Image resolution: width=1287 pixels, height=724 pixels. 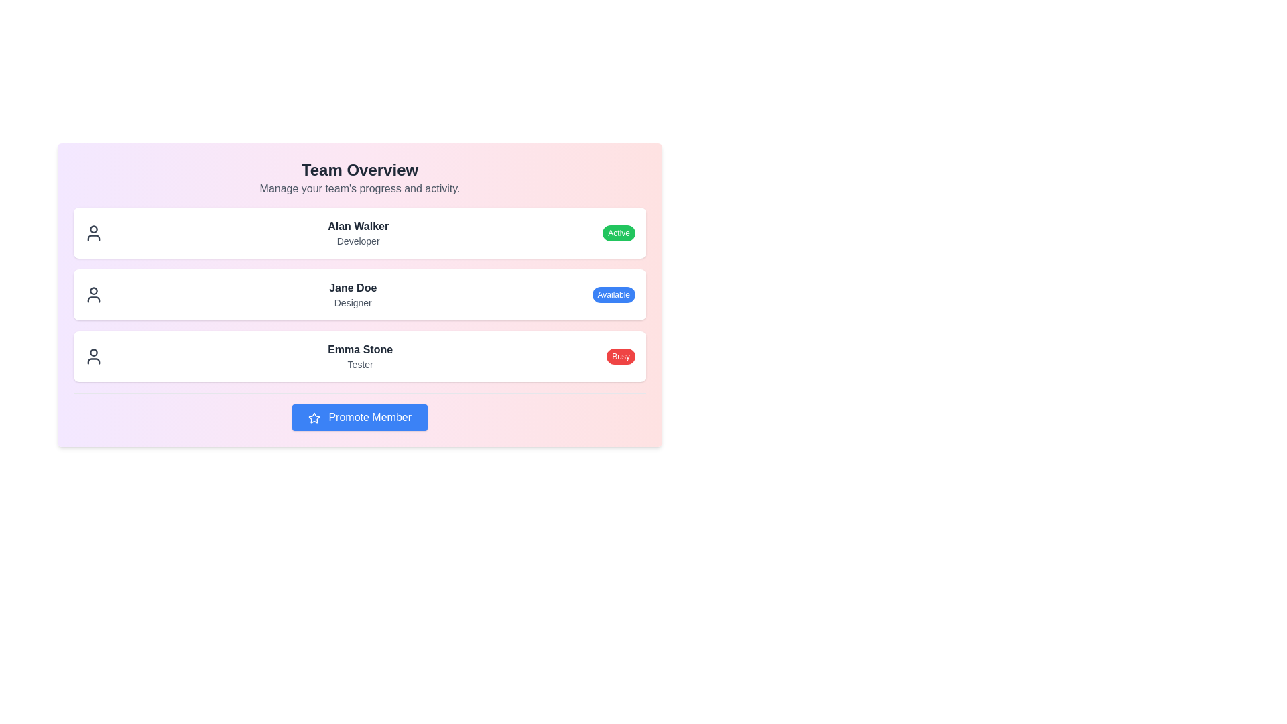 What do you see at coordinates (93, 294) in the screenshot?
I see `the profile icon (SVG) representing 'Jane Doe'` at bounding box center [93, 294].